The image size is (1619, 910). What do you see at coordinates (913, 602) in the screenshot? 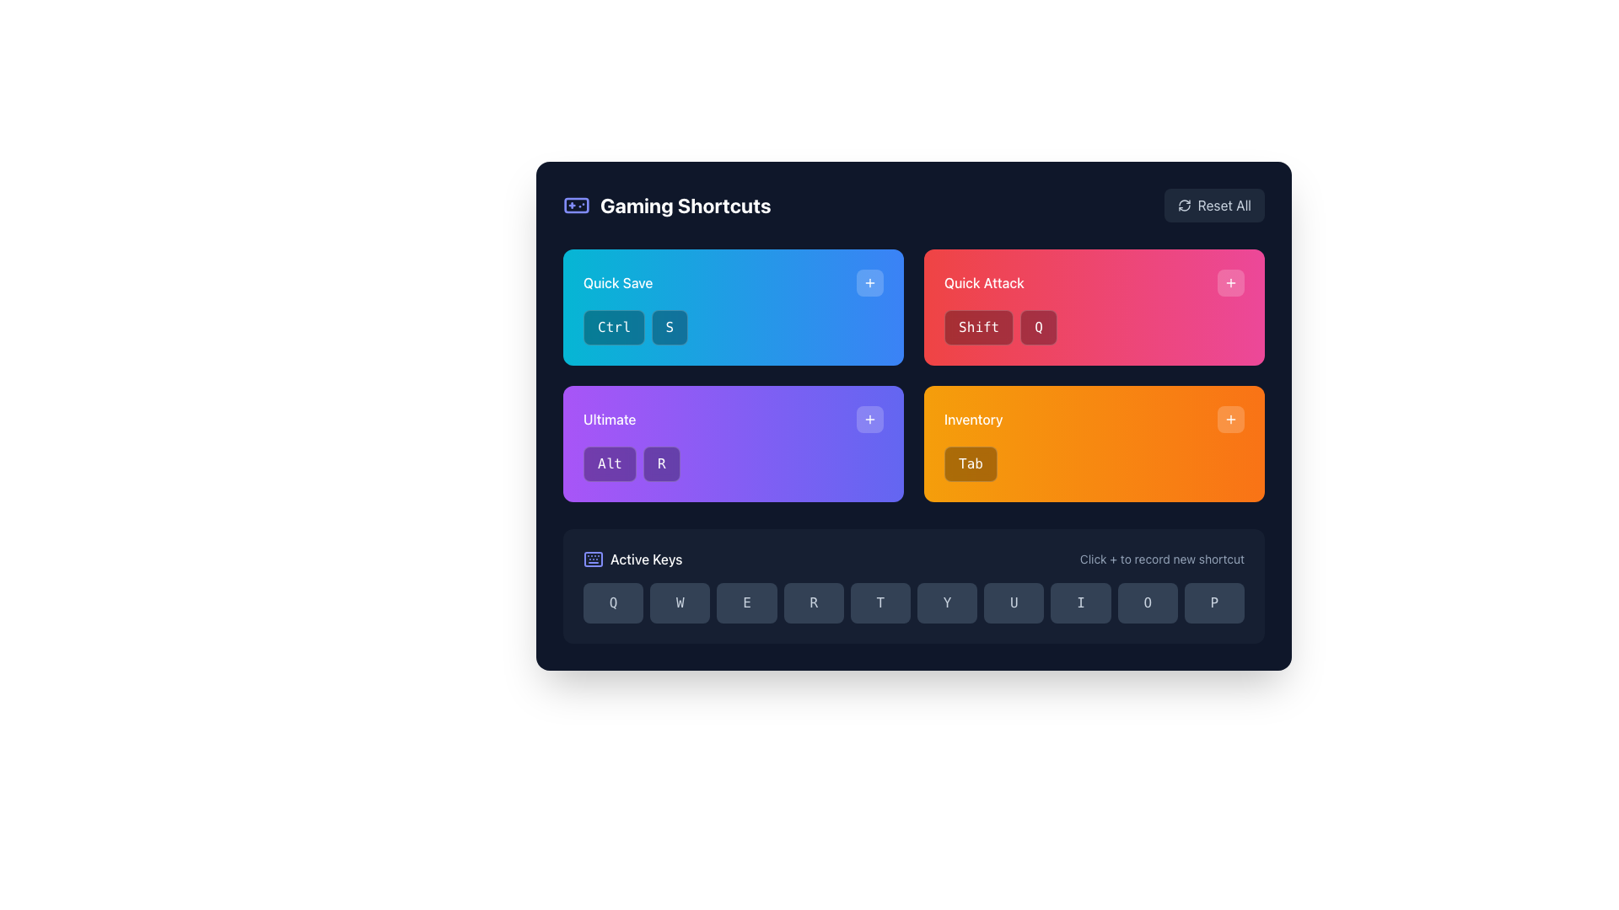
I see `a button in the interactive grid of buttons representing a keyboard's top alphabetic row` at bounding box center [913, 602].